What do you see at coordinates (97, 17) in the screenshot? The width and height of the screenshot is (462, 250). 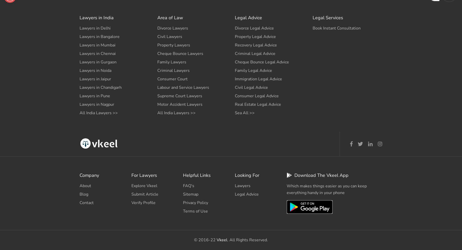 I see `'Lawyers in India'` at bounding box center [97, 17].